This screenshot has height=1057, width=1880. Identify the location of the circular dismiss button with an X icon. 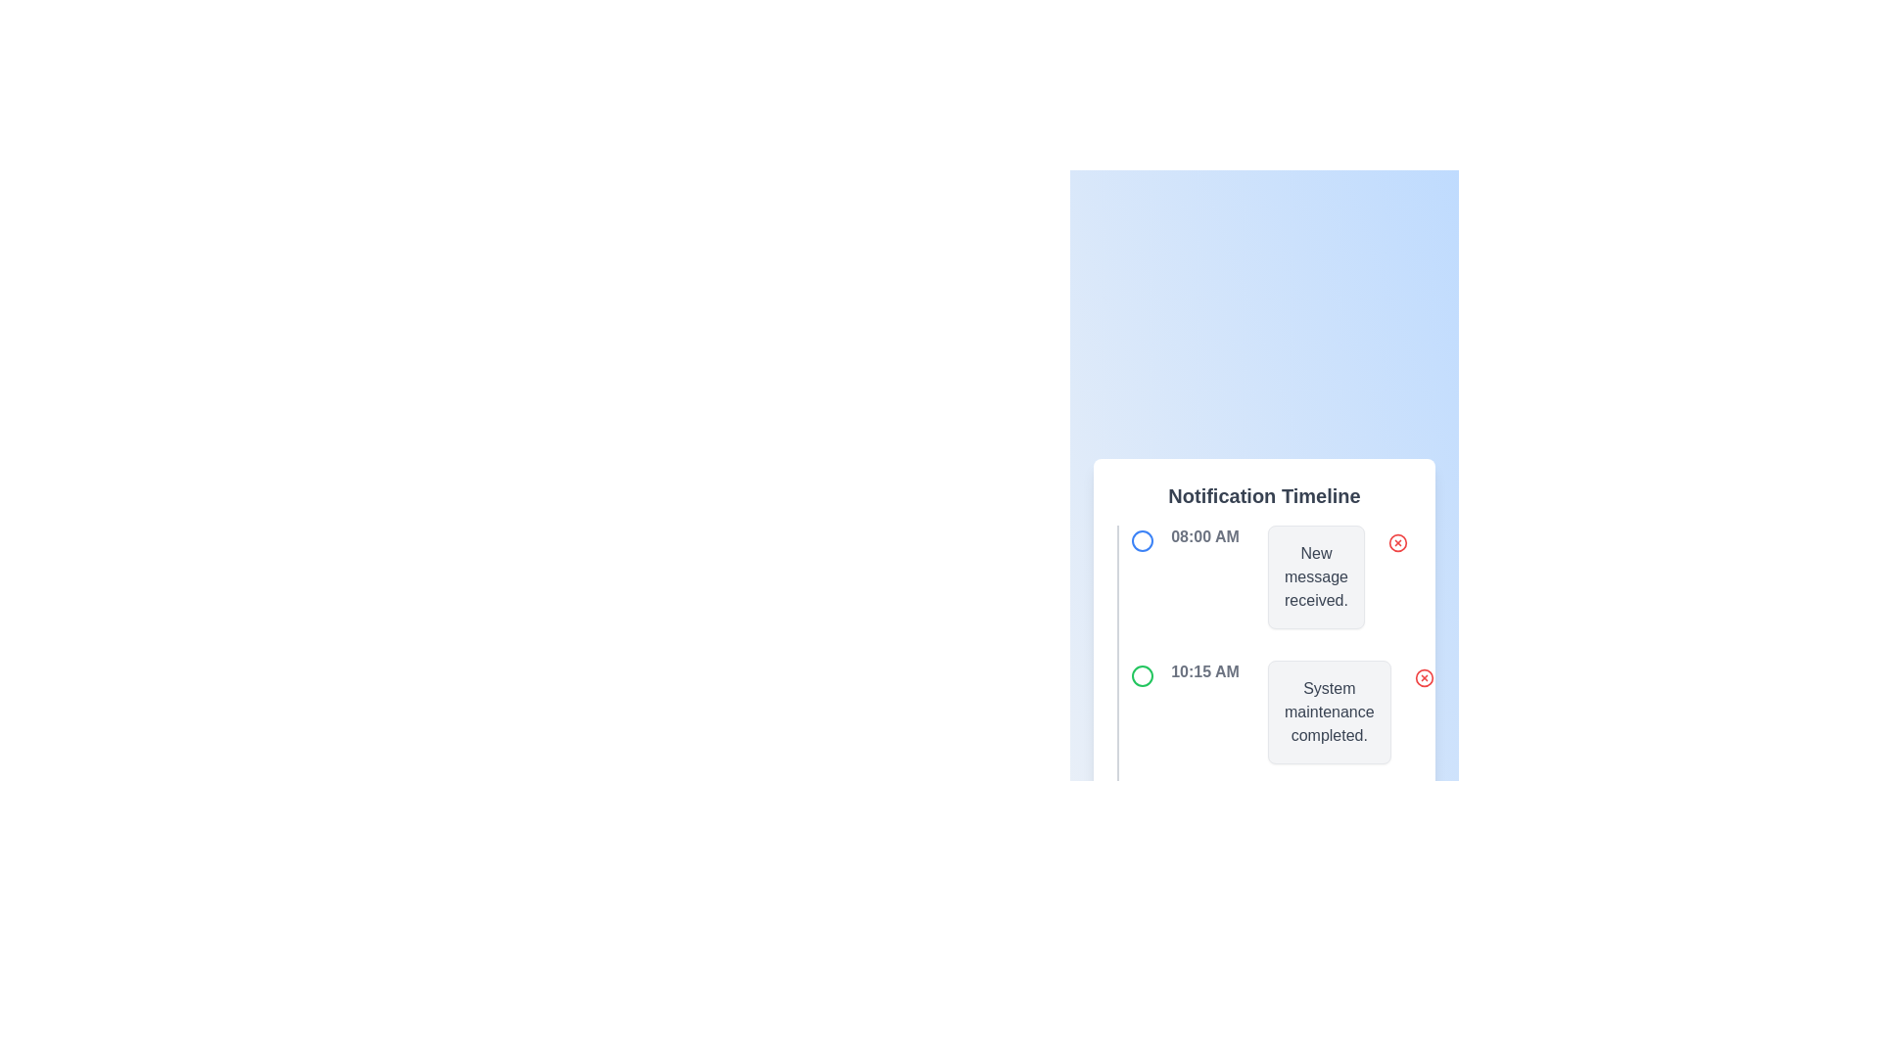
(1424, 677).